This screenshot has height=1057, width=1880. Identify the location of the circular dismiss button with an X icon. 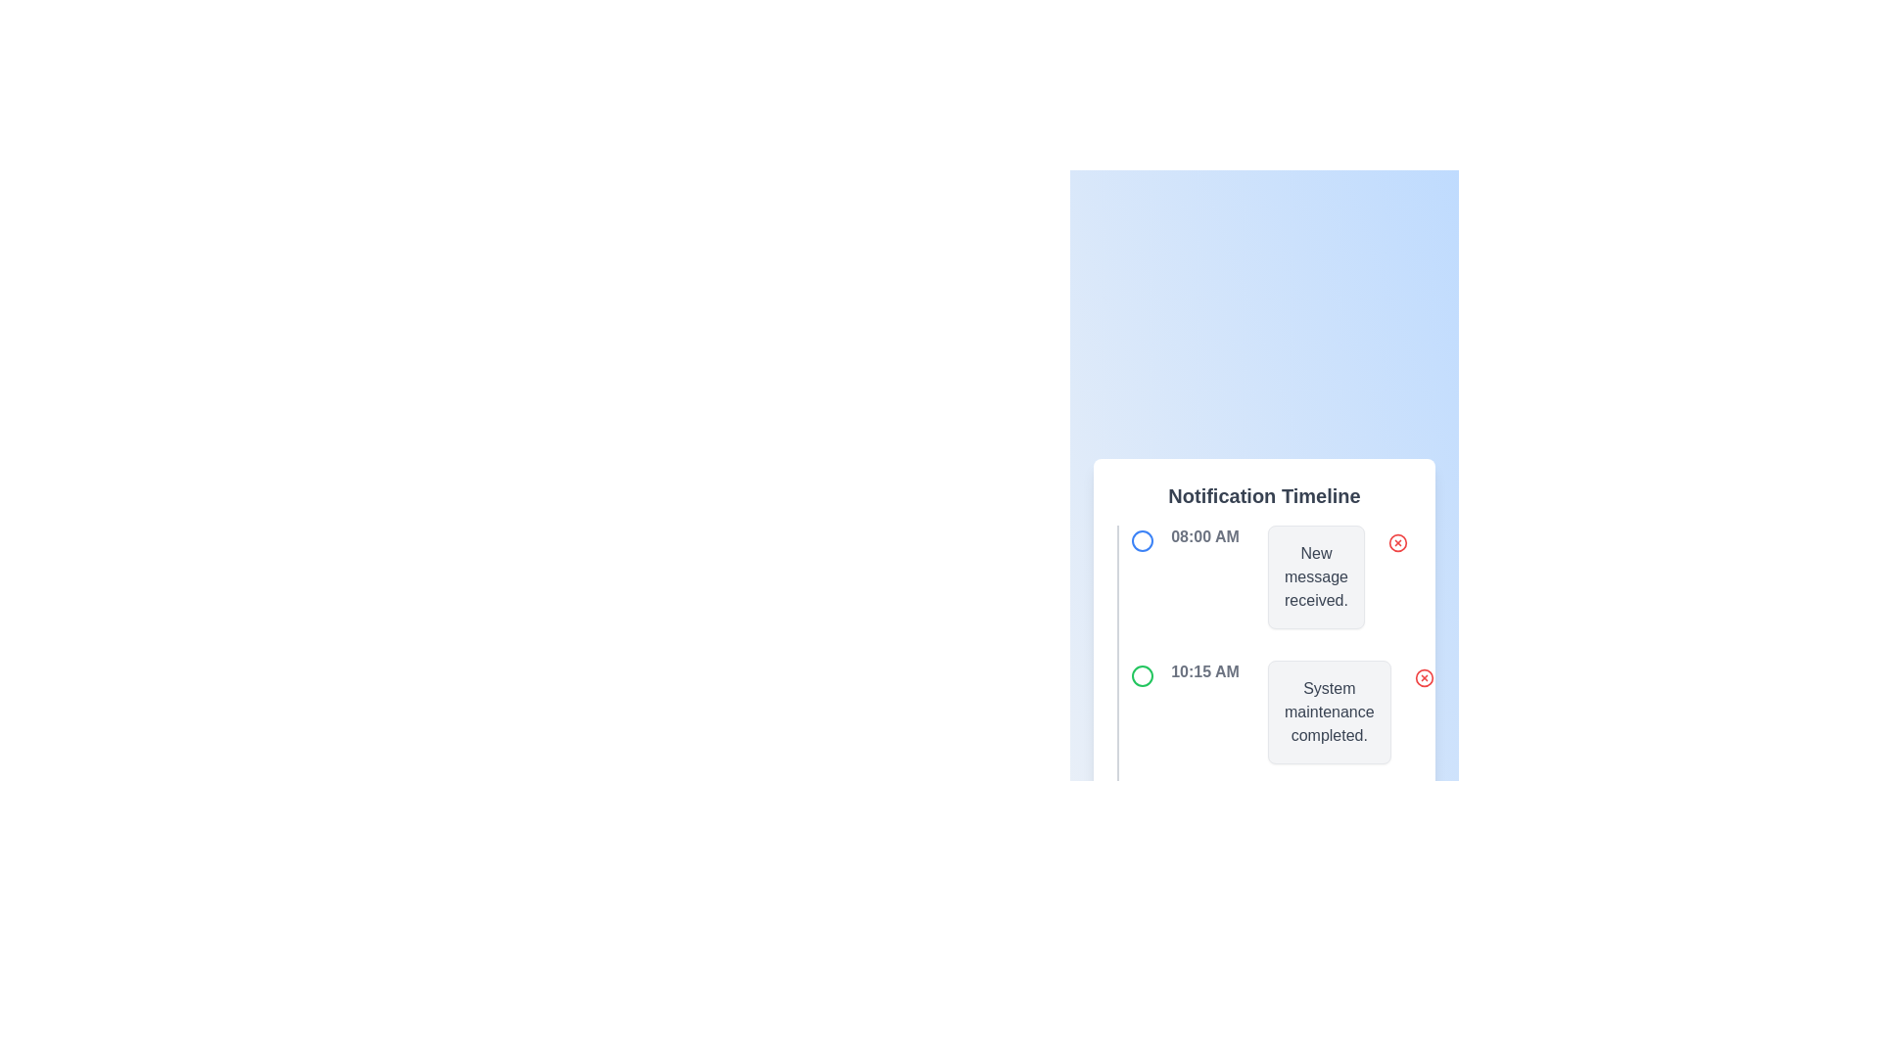
(1424, 677).